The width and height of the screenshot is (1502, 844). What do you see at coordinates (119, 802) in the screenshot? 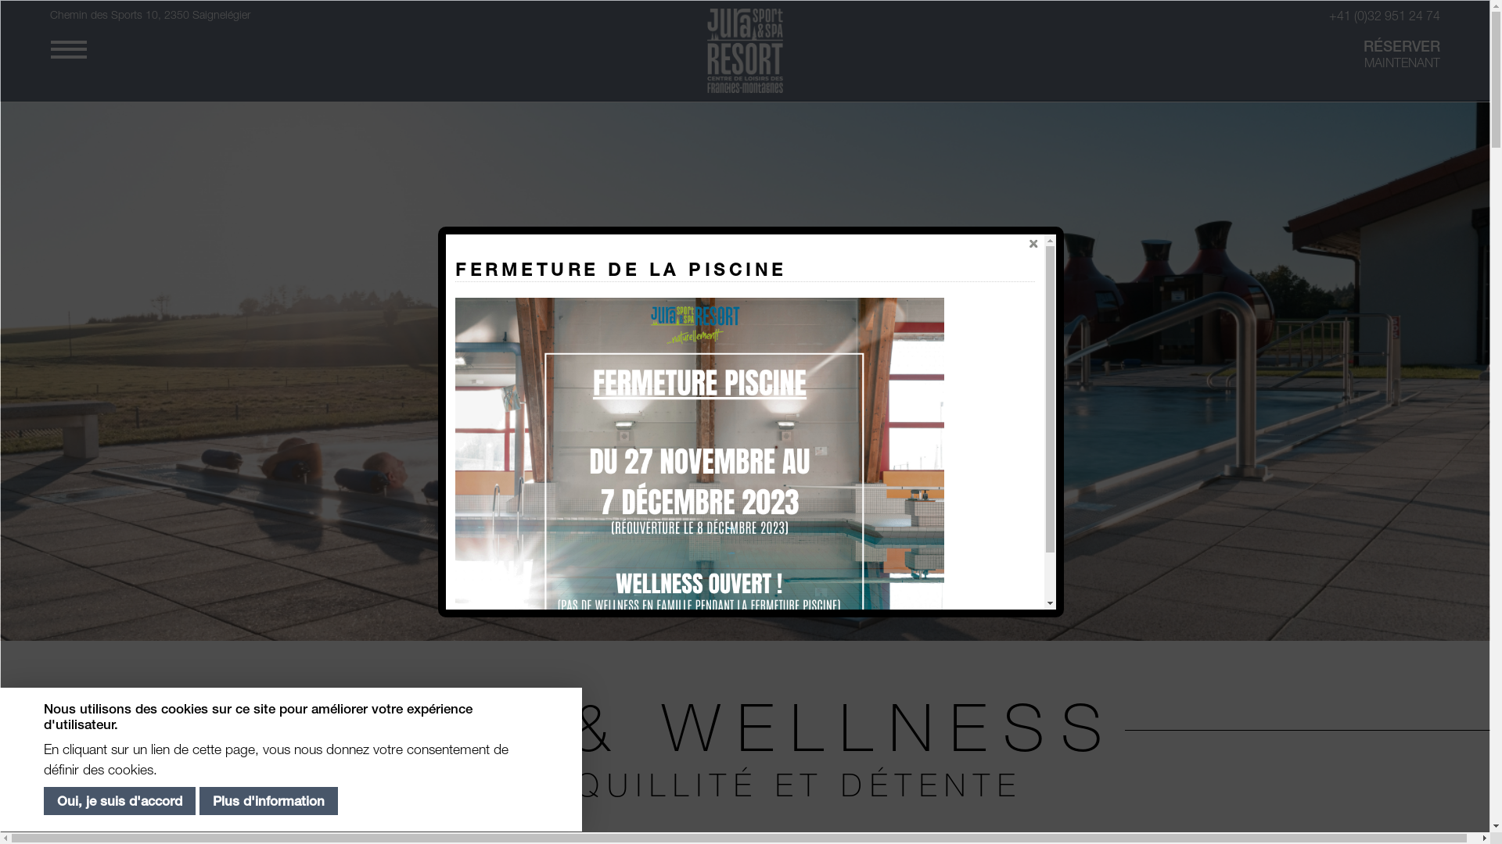
I see `'Oui, je suis d'accord'` at bounding box center [119, 802].